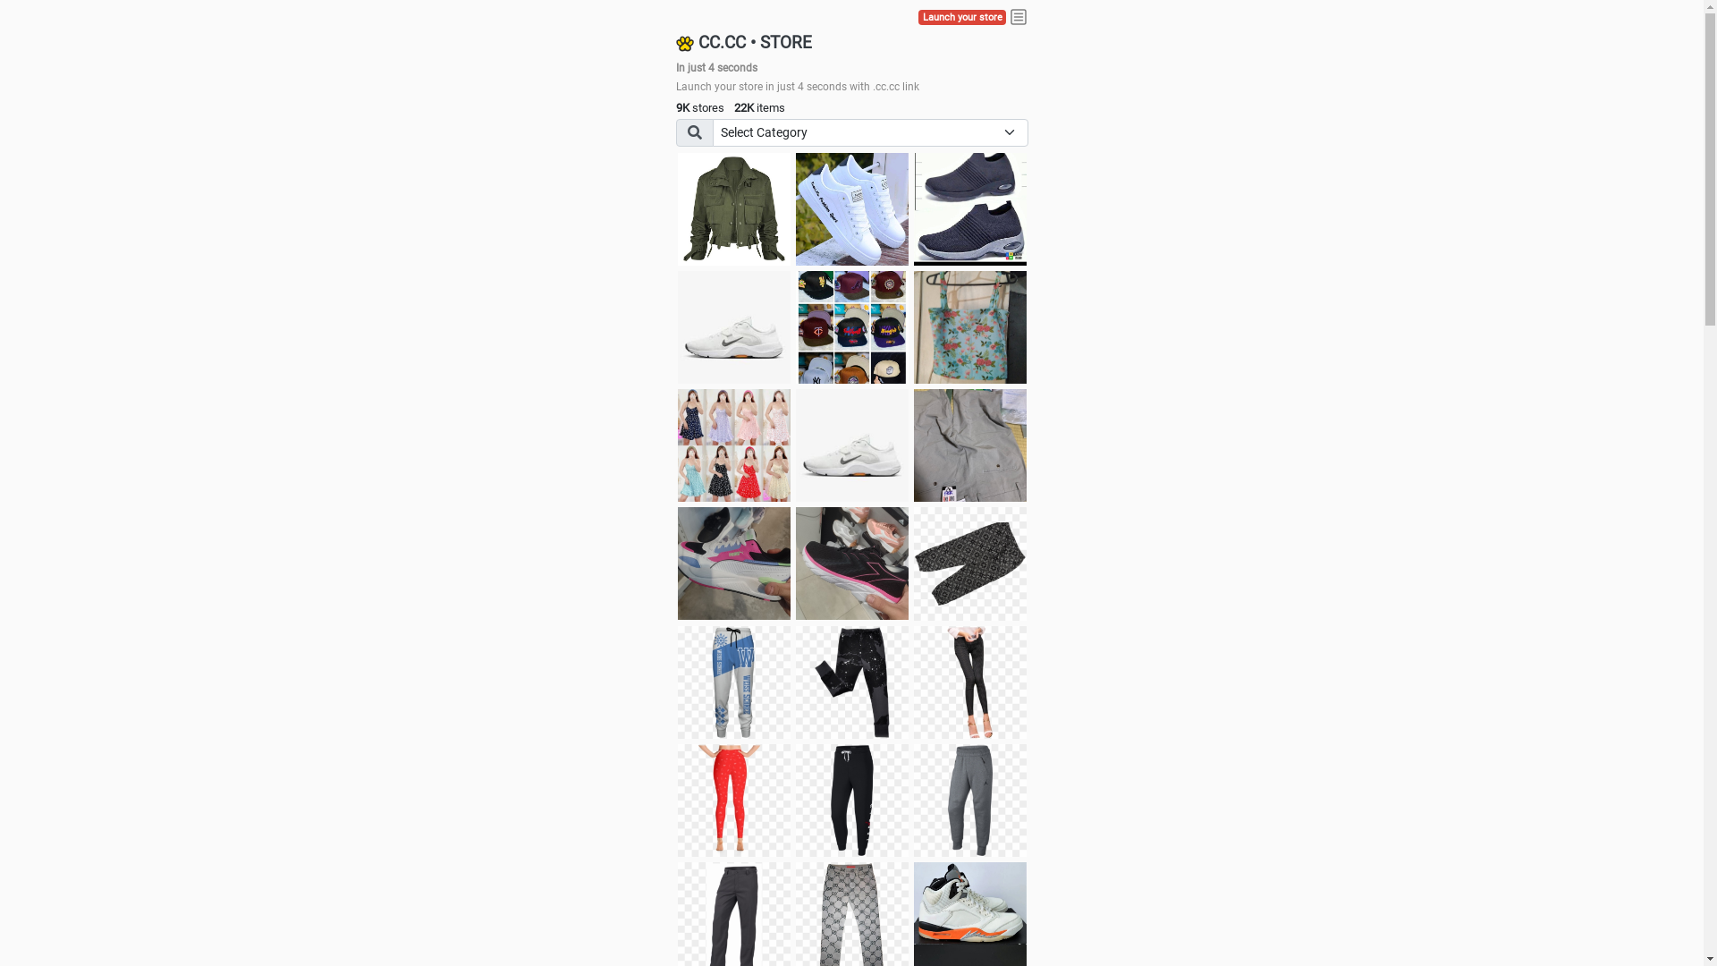 This screenshot has width=1717, height=966. I want to click on 'Pant', so click(733, 682).